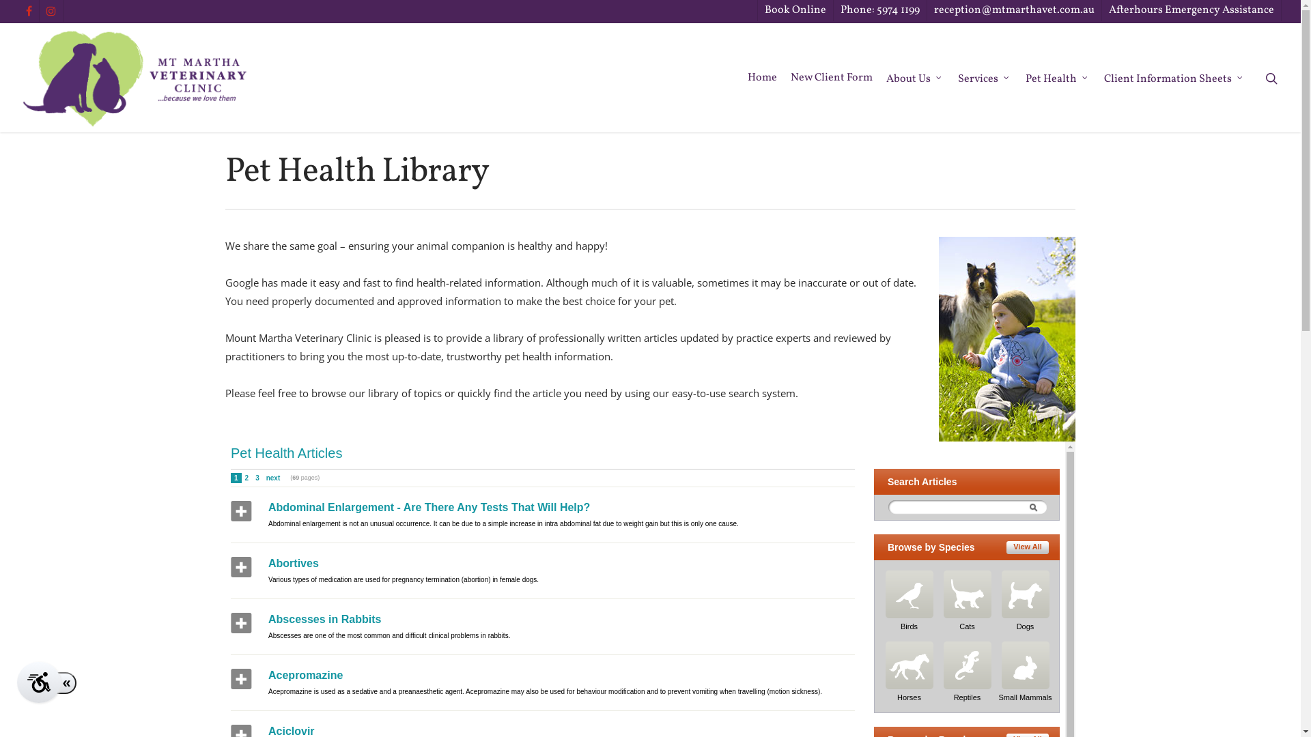 This screenshot has height=737, width=1311. Describe the element at coordinates (1174, 78) in the screenshot. I see `'Client Information Sheets'` at that location.